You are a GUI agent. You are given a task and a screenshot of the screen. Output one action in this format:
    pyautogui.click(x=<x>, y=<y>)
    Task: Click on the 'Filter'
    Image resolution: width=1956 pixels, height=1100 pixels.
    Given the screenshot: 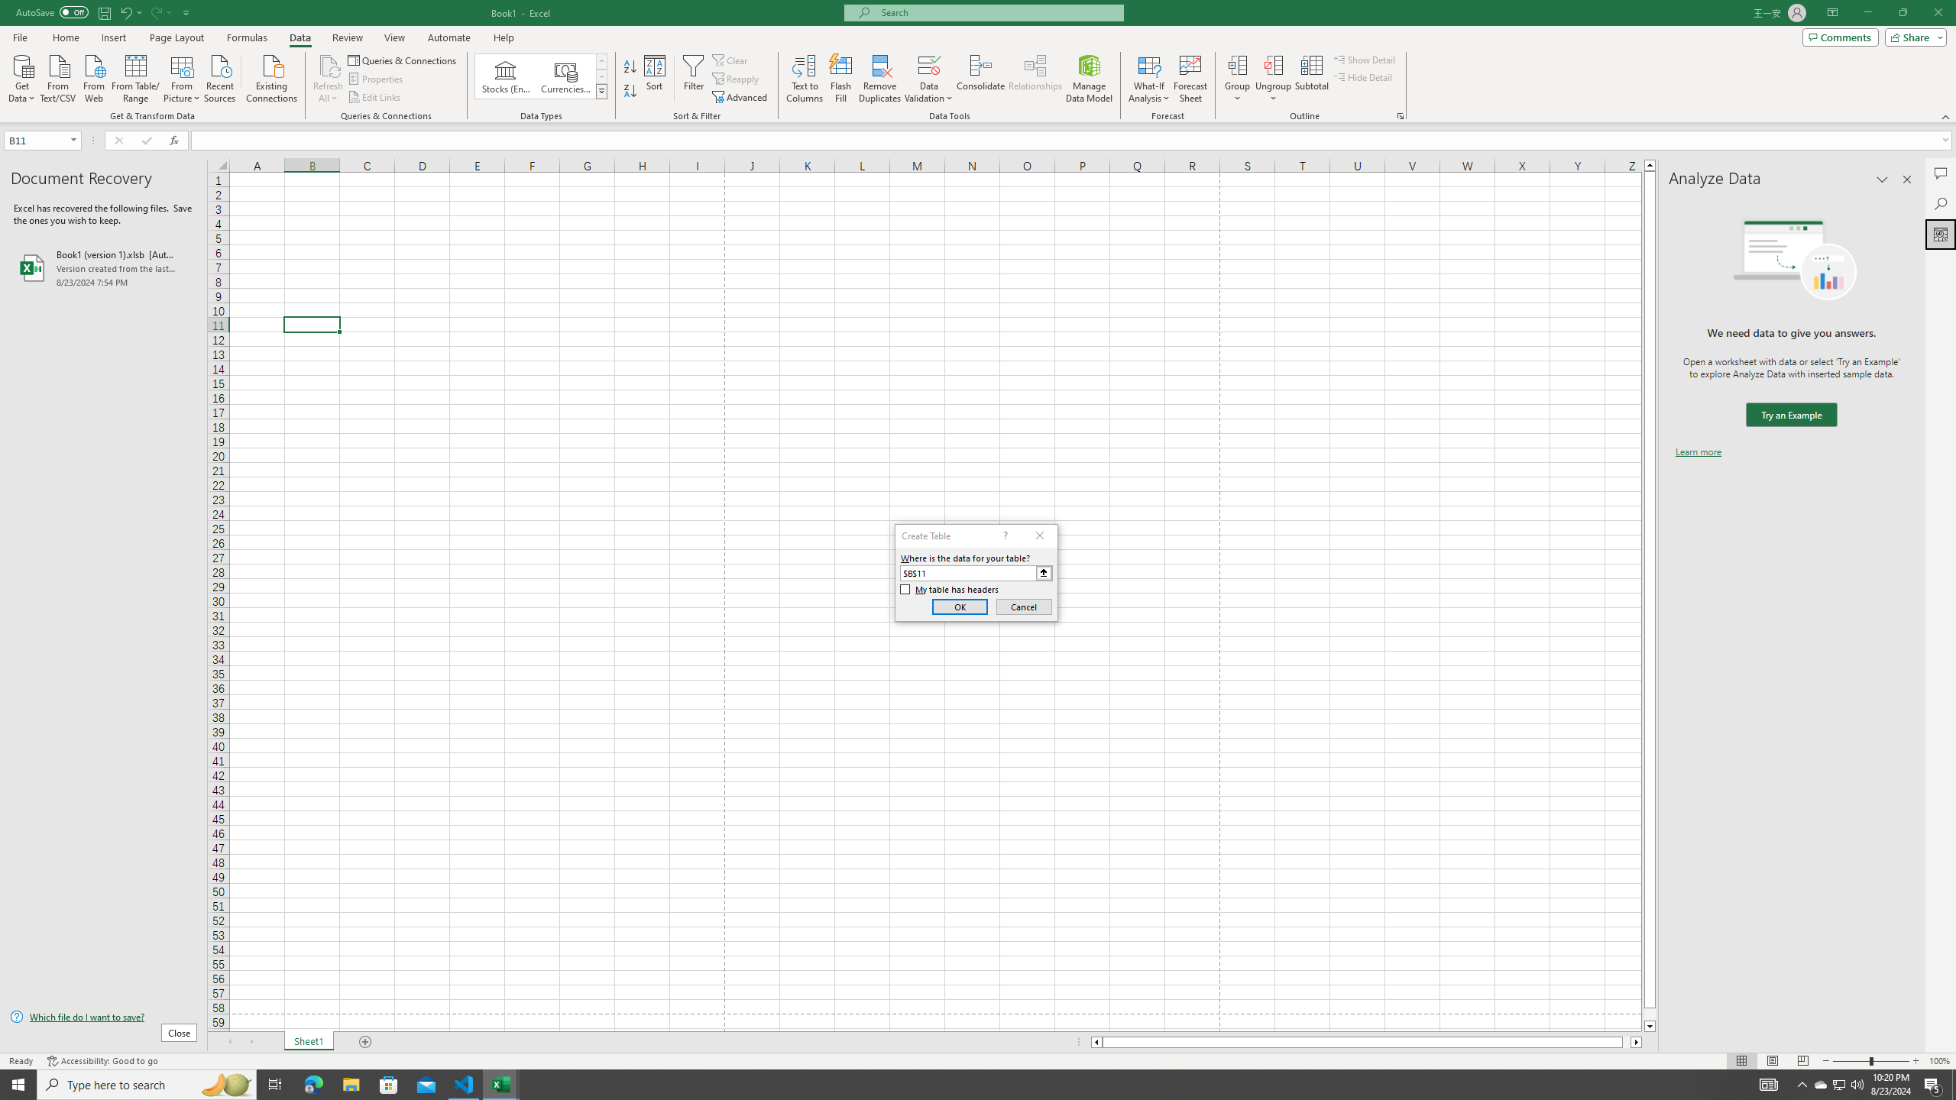 What is the action you would take?
    pyautogui.click(x=692, y=79)
    